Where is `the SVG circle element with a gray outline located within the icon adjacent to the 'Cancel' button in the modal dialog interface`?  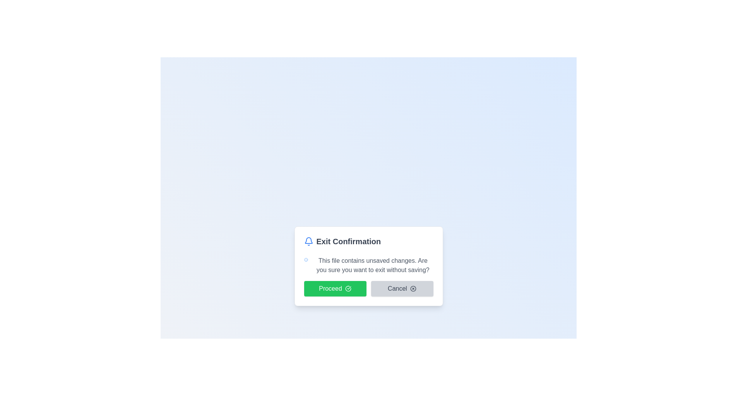
the SVG circle element with a gray outline located within the icon adjacent to the 'Cancel' button in the modal dialog interface is located at coordinates (413, 288).